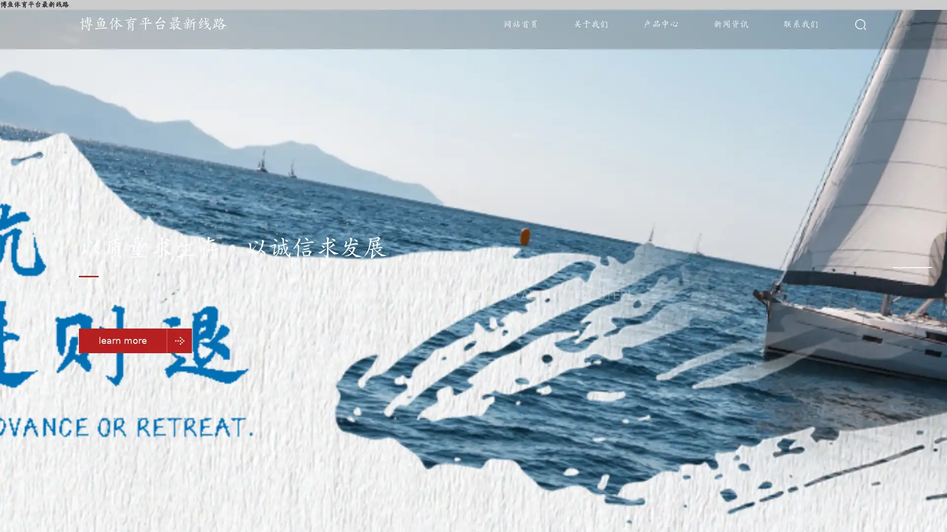 This screenshot has height=532, width=947. Describe the element at coordinates (911, 275) in the screenshot. I see `Go to slide 2` at that location.